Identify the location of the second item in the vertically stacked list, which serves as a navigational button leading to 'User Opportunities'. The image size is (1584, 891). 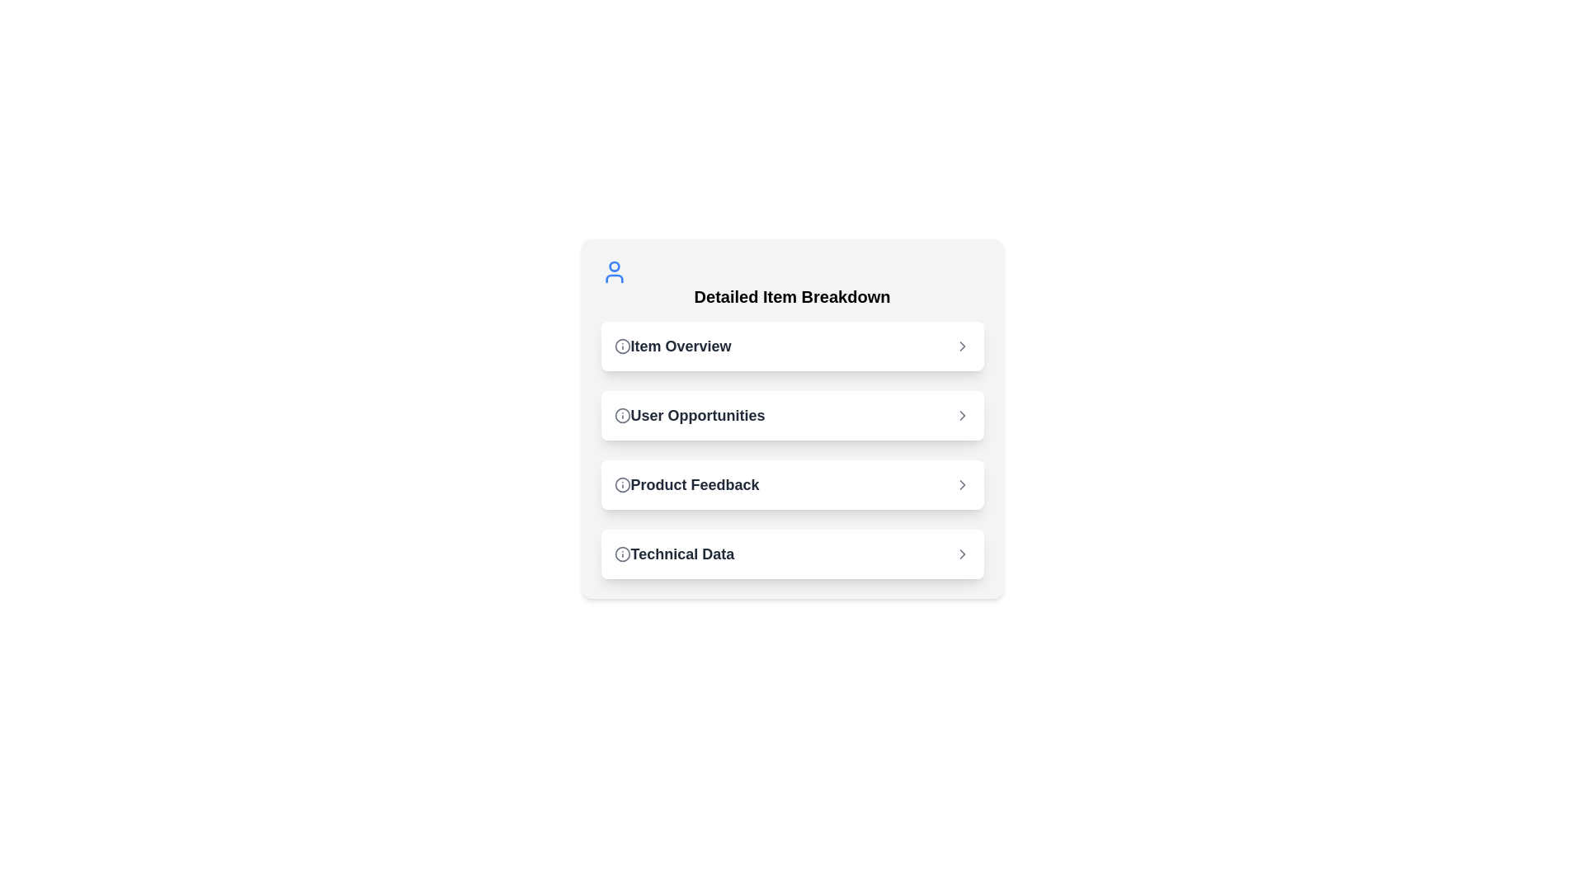
(792, 415).